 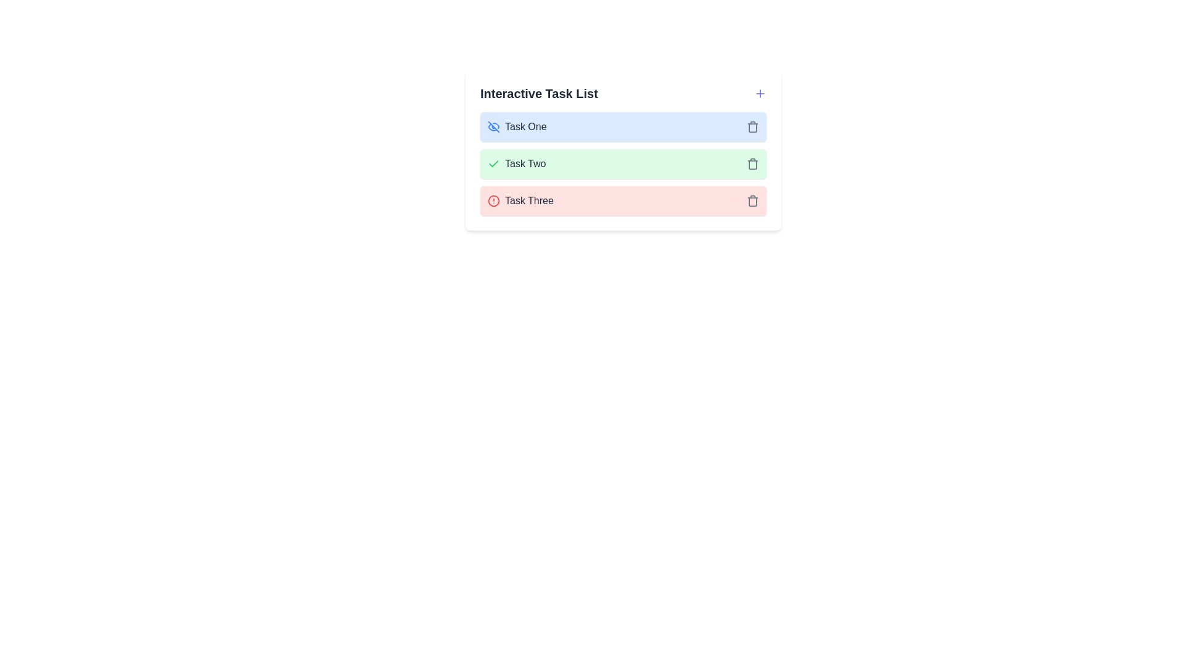 What do you see at coordinates (752, 200) in the screenshot?
I see `the delete icon located to the right of 'Task Three' in the interactive task list` at bounding box center [752, 200].